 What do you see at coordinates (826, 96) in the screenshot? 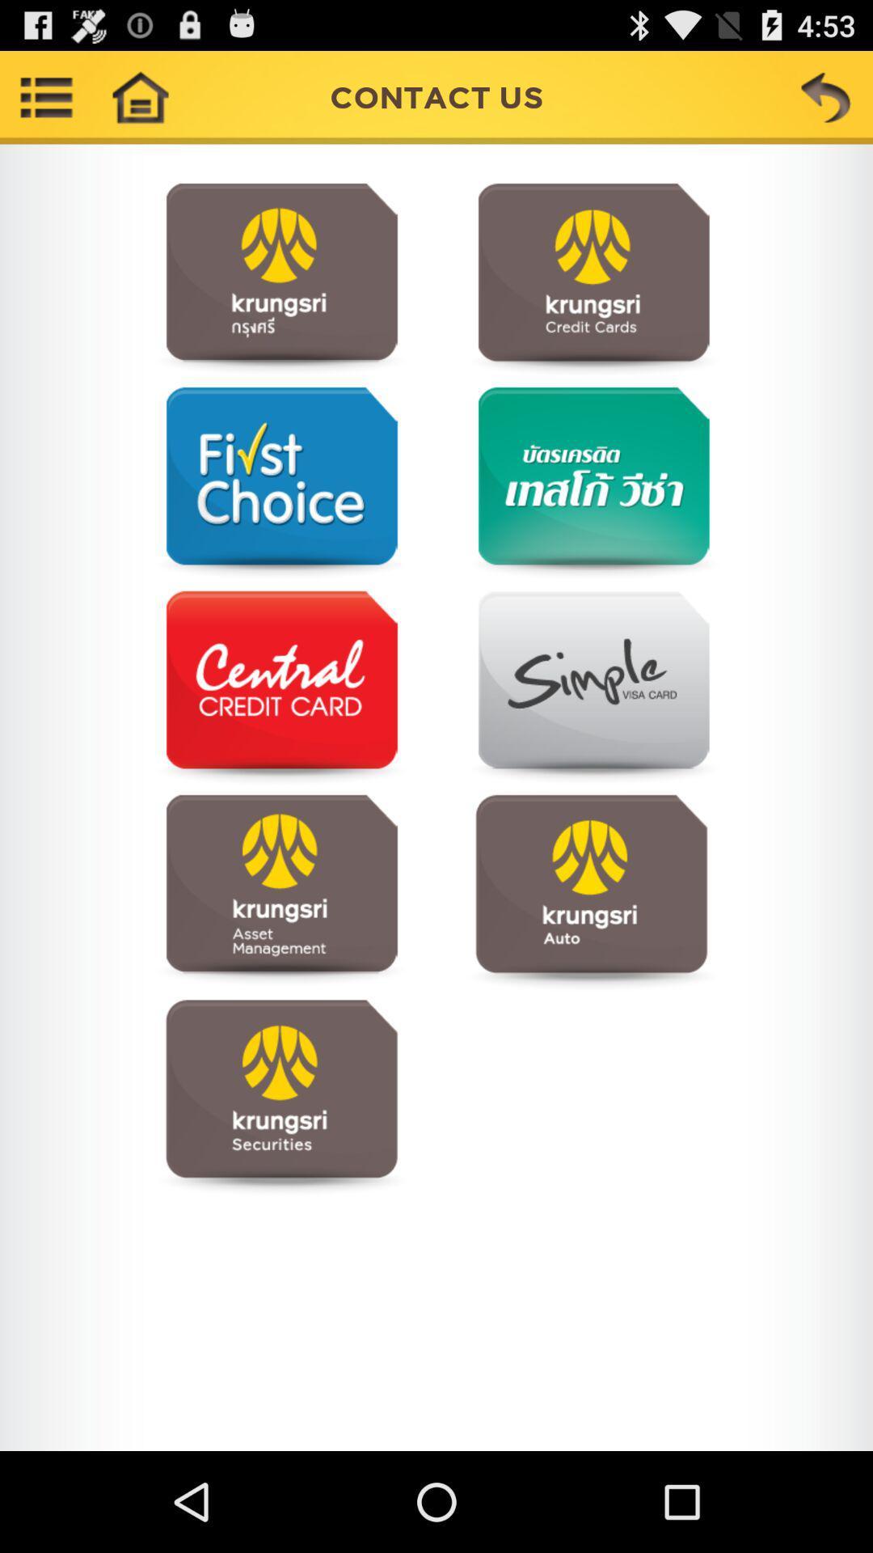
I see `go back` at bounding box center [826, 96].